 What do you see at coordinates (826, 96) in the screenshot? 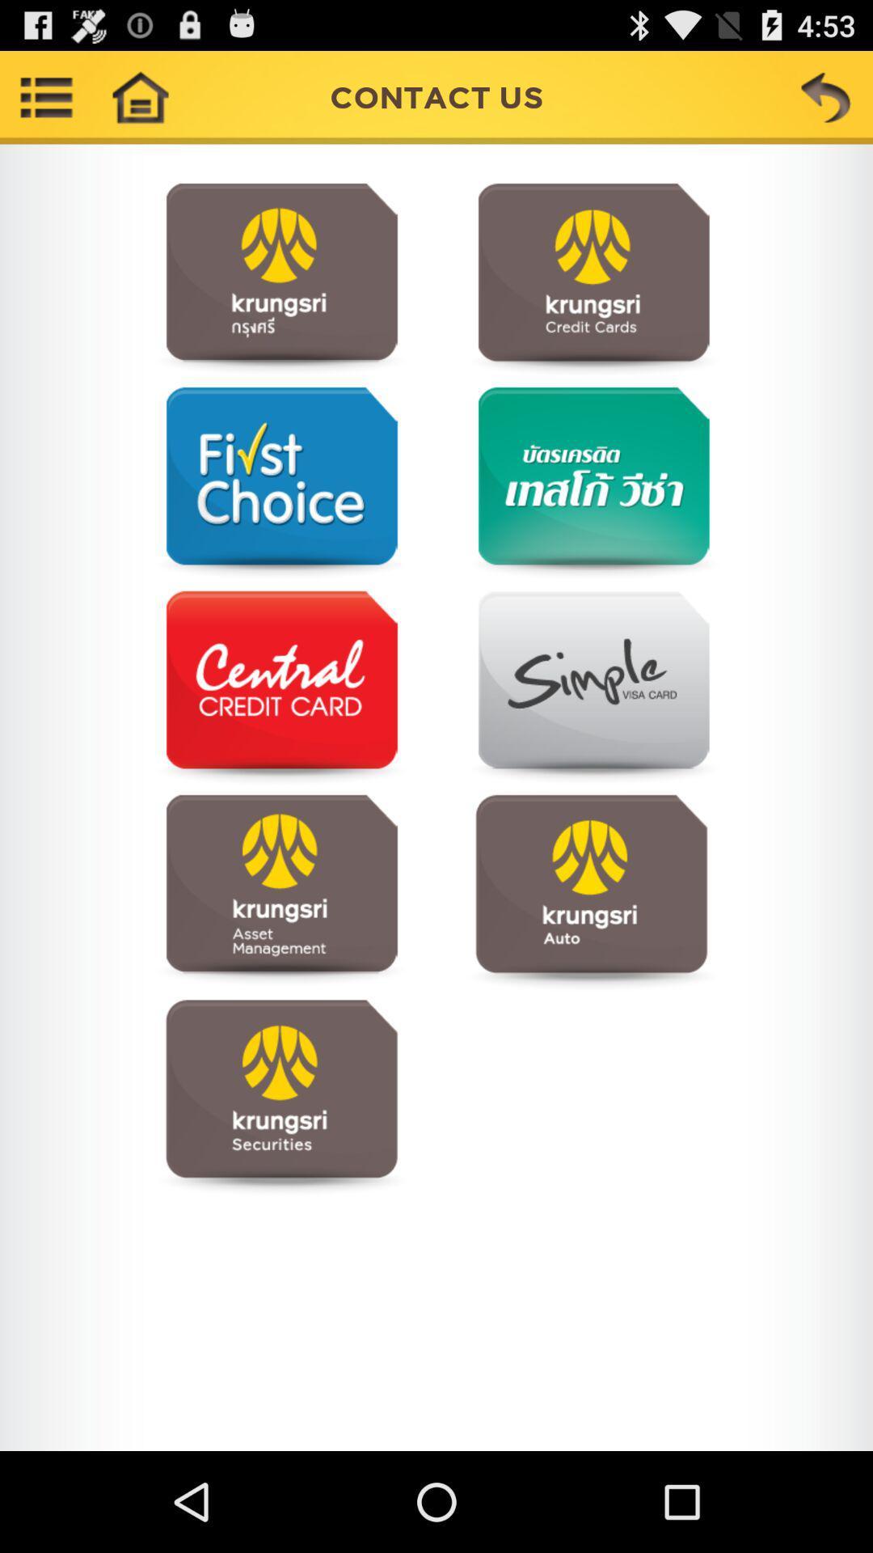
I see `go back` at bounding box center [826, 96].